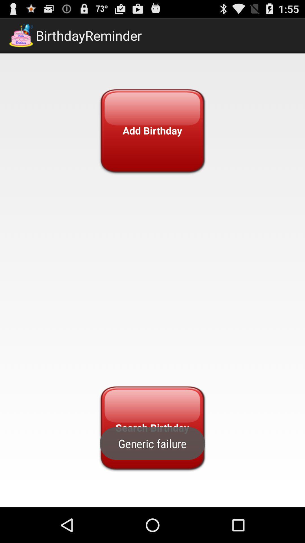 The width and height of the screenshot is (305, 543). Describe the element at coordinates (152, 428) in the screenshot. I see `icon below add birthday item` at that location.